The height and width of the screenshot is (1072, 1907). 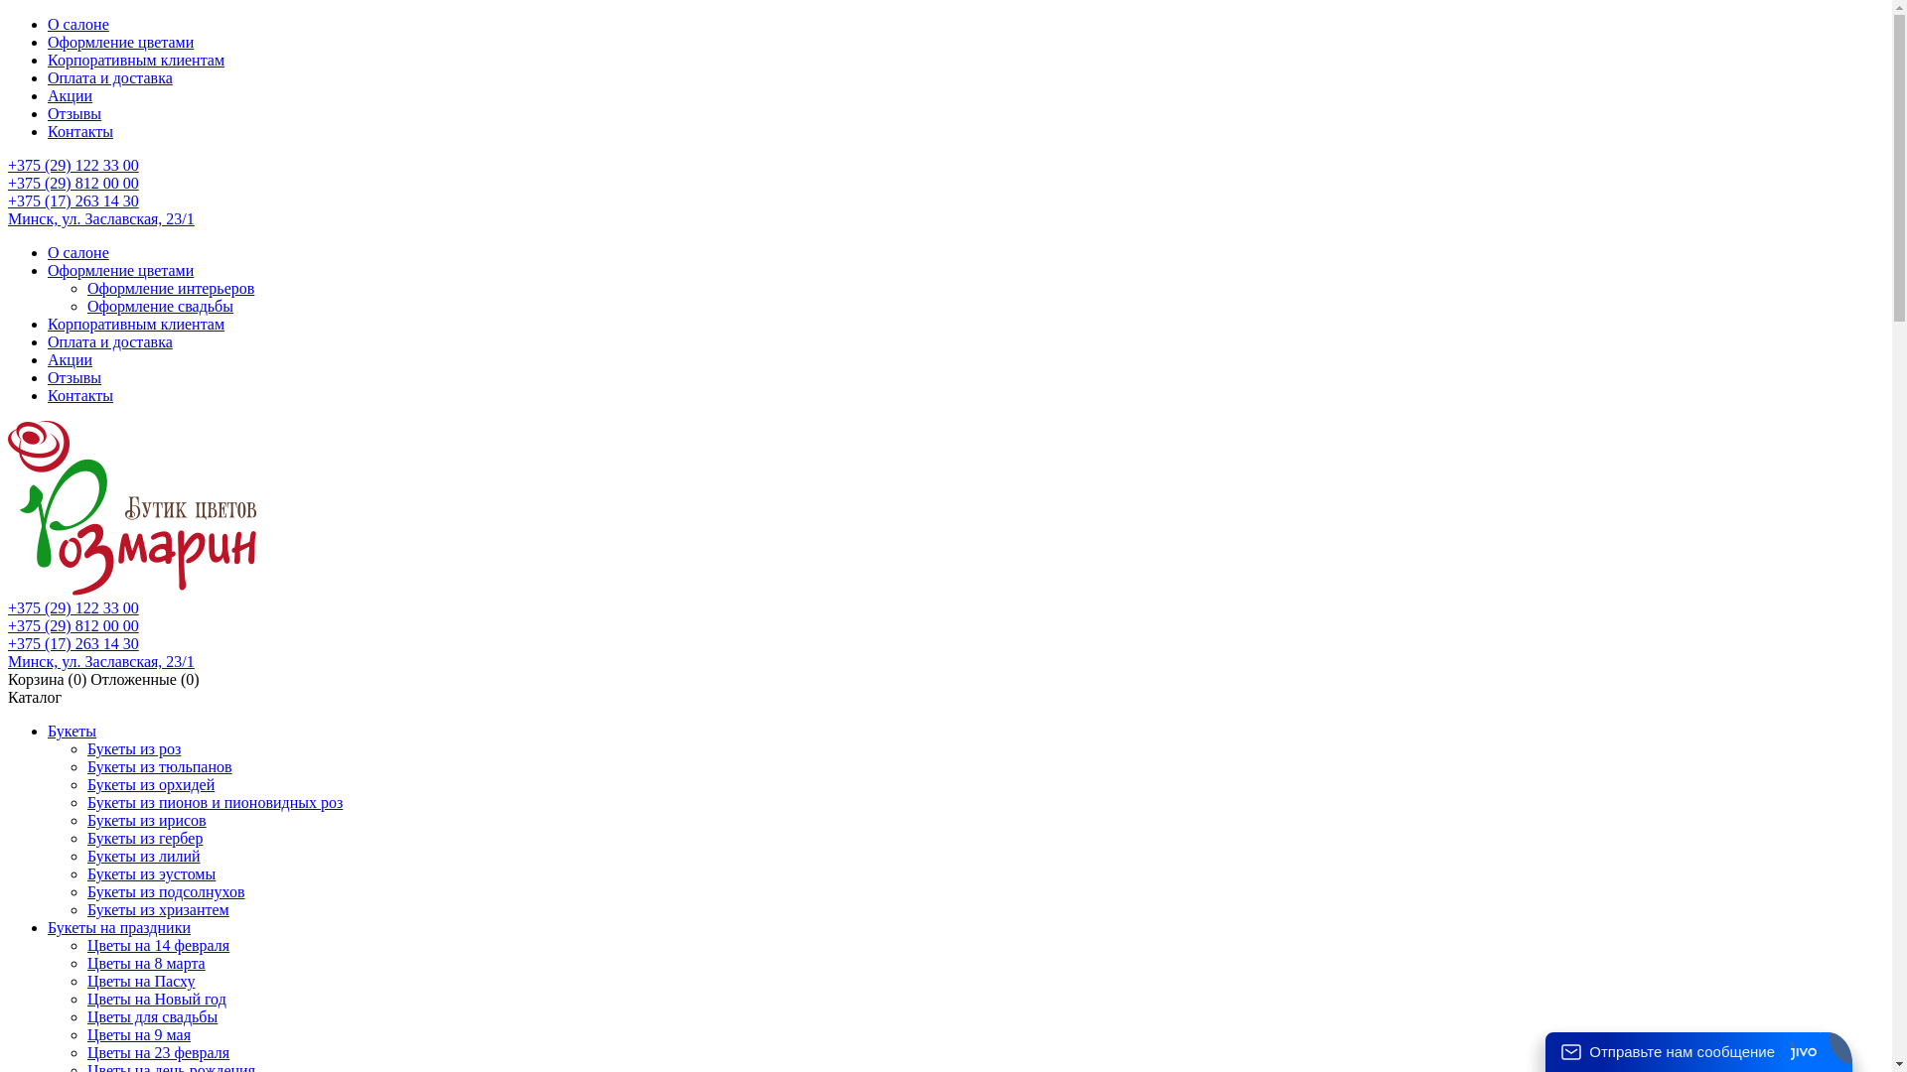 I want to click on '+375 (29) 812 00 00', so click(x=73, y=183).